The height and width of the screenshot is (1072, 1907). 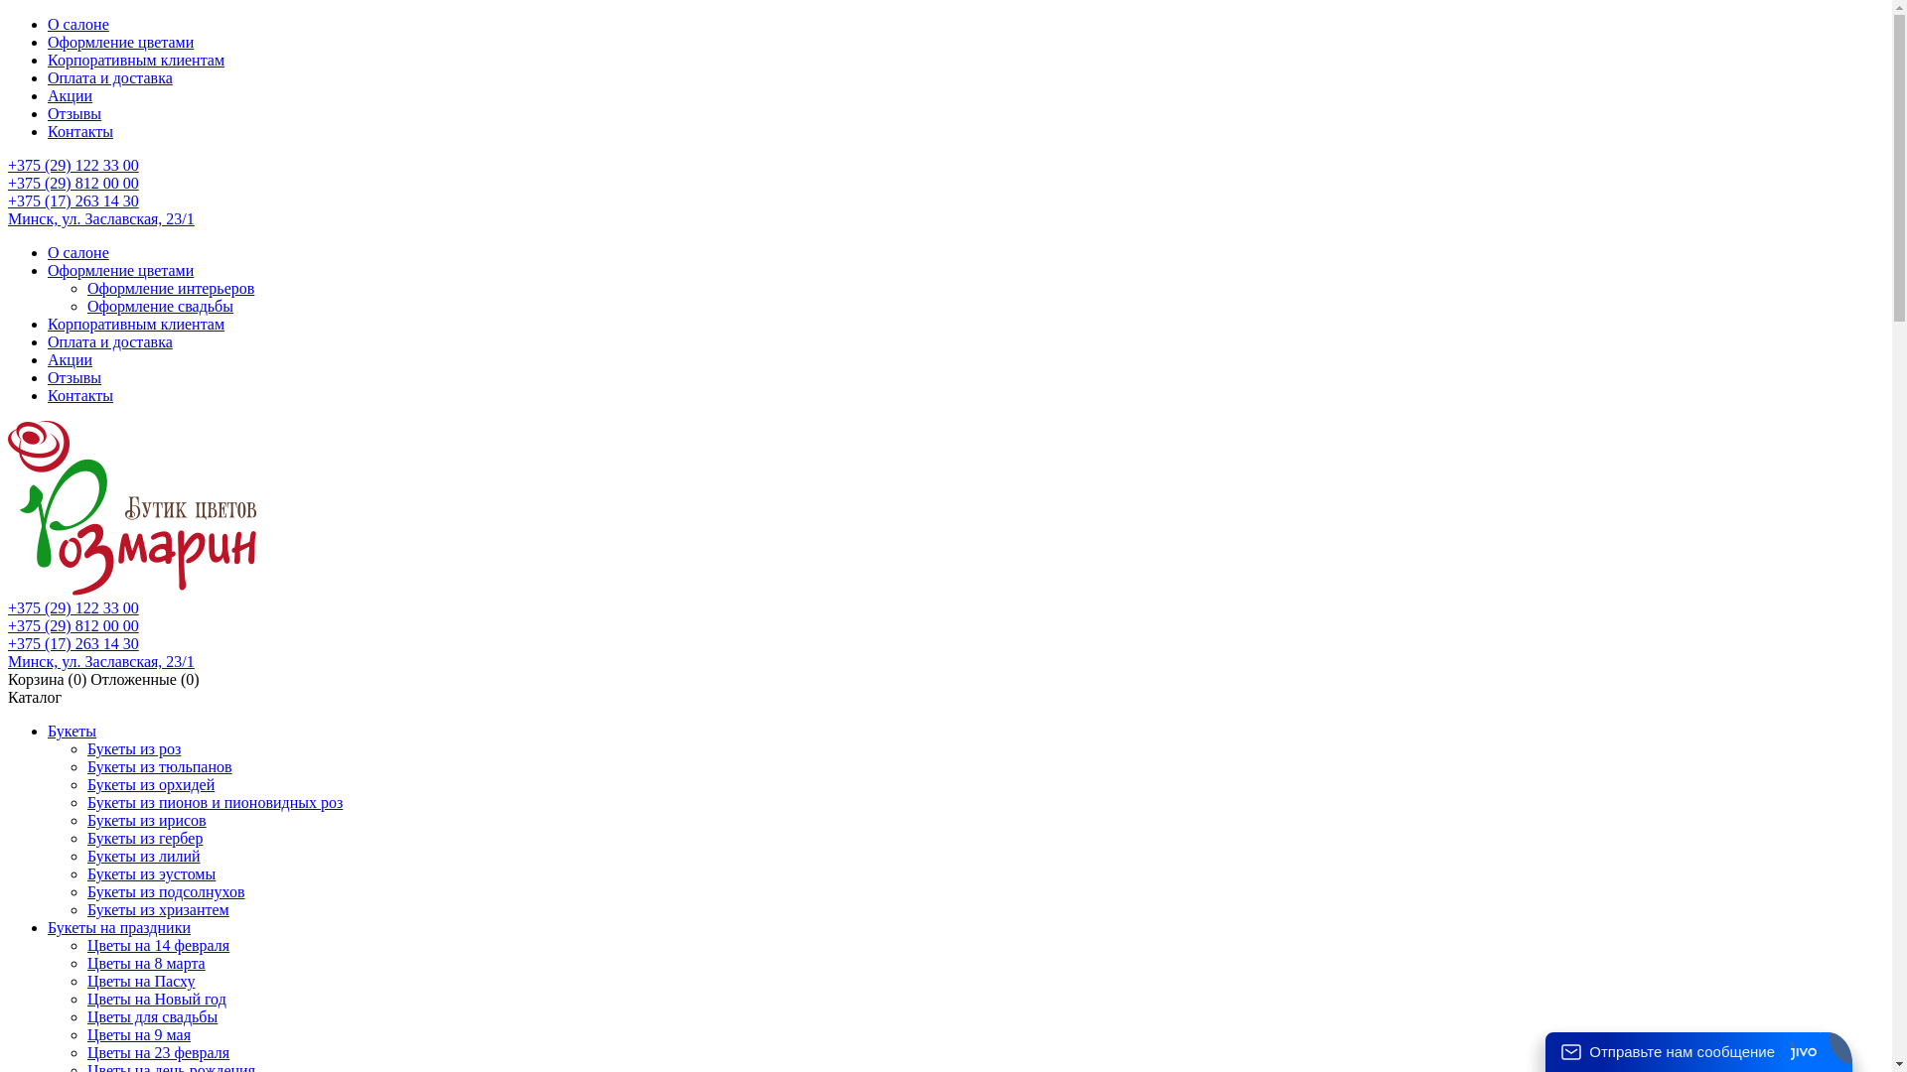 I want to click on '+375 (29) 812 00 00', so click(x=73, y=183).